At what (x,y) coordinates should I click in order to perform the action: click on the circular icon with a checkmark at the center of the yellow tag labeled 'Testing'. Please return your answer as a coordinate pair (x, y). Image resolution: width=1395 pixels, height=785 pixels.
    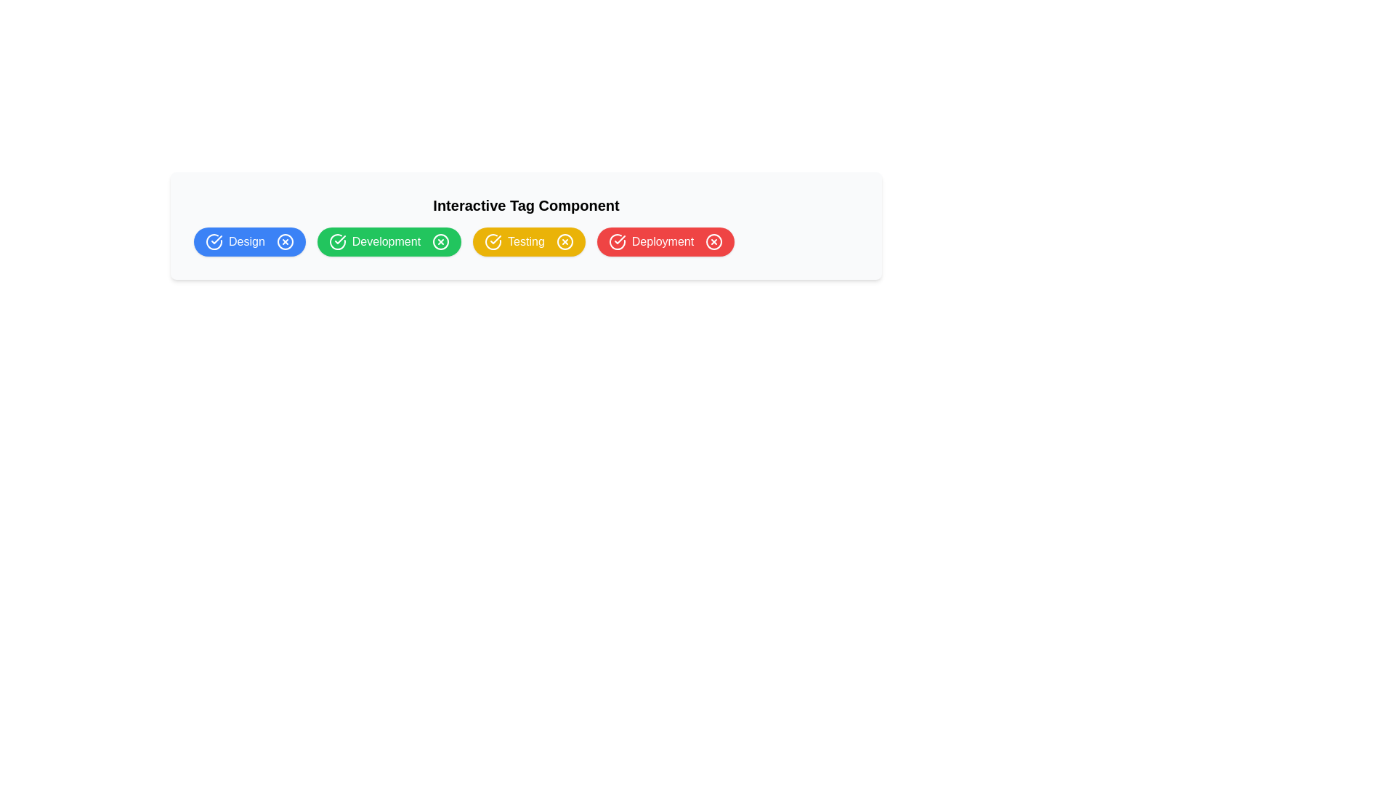
    Looking at the image, I should click on (493, 241).